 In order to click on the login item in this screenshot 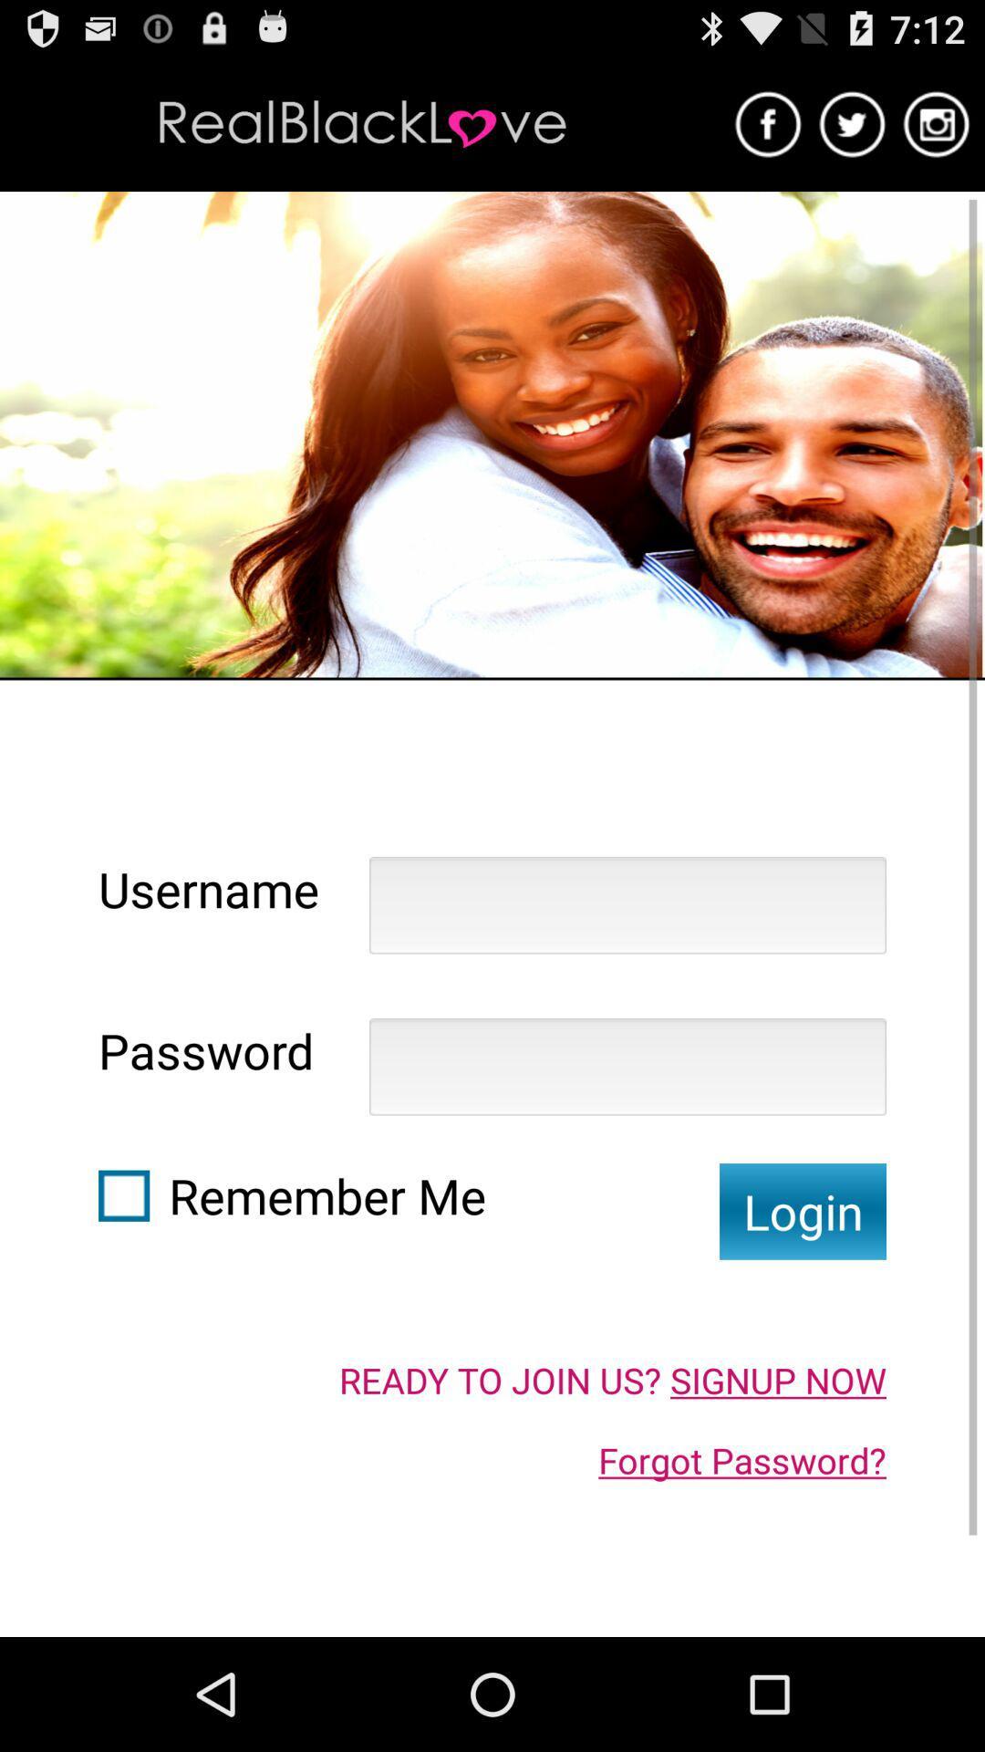, I will do `click(802, 1211)`.